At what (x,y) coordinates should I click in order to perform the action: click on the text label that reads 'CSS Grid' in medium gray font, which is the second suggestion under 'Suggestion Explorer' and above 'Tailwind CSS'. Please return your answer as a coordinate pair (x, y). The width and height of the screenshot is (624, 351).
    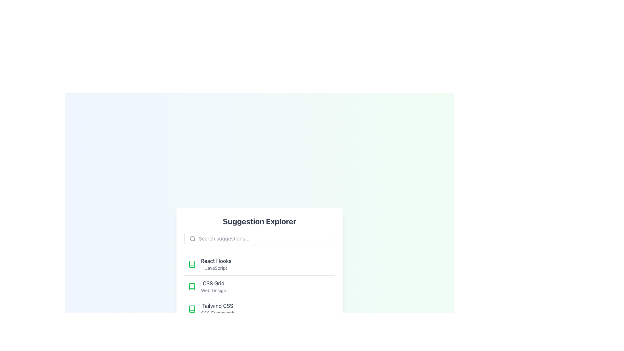
    Looking at the image, I should click on (214, 286).